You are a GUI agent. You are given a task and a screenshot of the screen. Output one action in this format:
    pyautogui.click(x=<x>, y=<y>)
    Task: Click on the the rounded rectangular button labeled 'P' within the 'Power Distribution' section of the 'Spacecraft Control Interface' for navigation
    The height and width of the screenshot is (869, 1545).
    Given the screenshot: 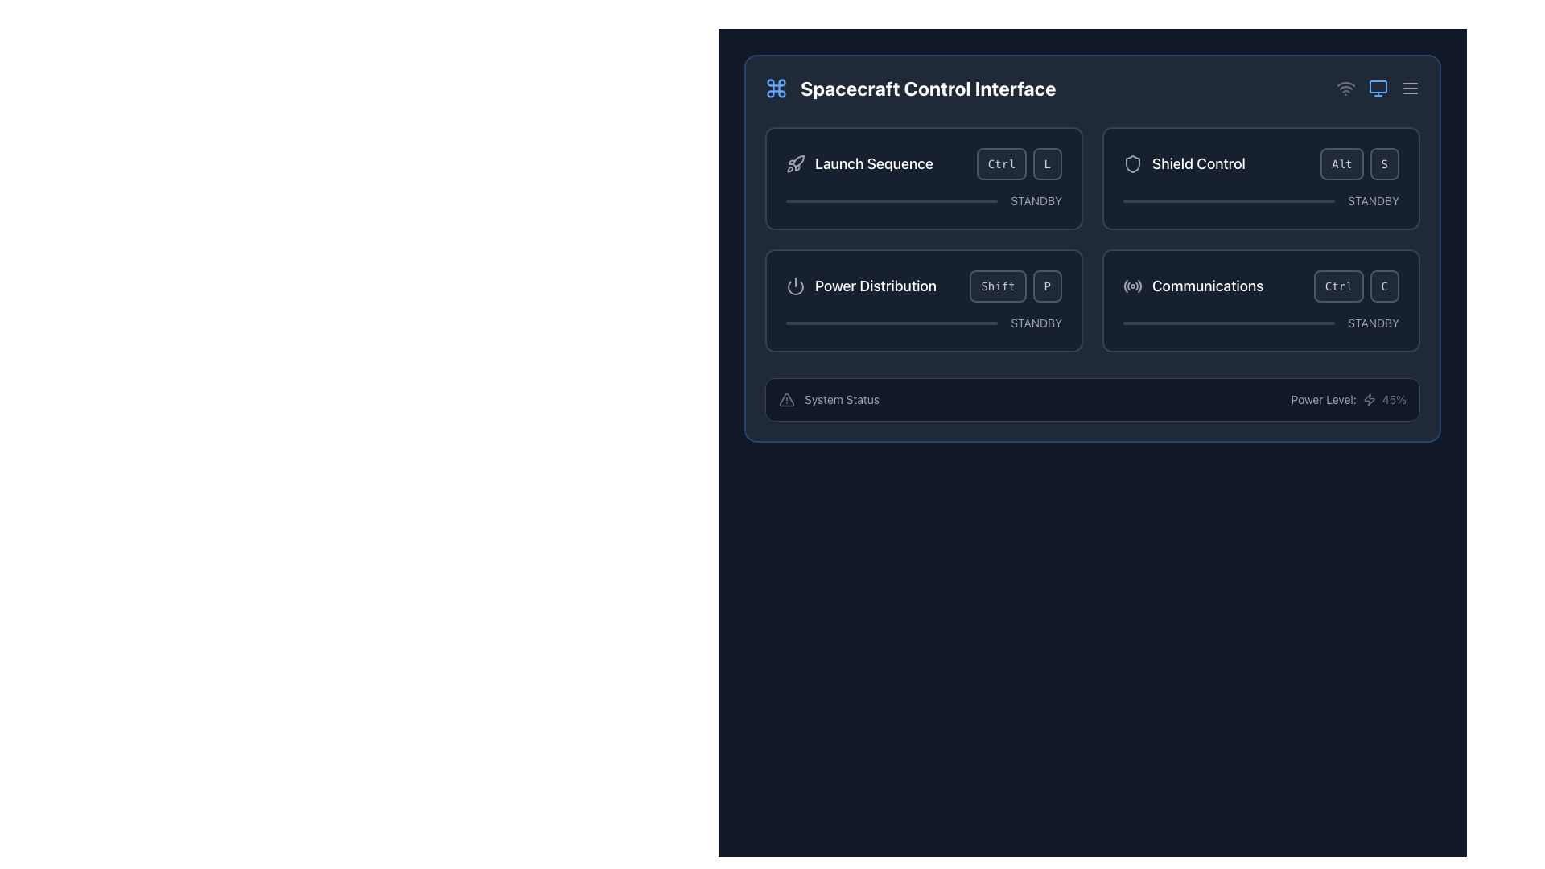 What is the action you would take?
    pyautogui.click(x=1047, y=285)
    